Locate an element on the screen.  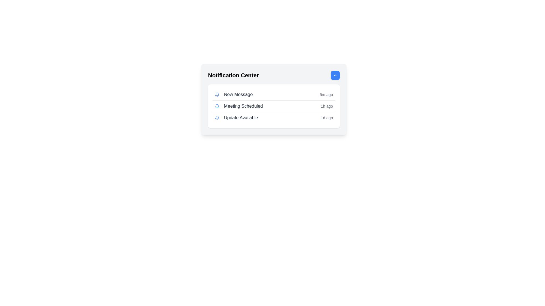
the third notification item in the Notification Center is located at coordinates (274, 118).